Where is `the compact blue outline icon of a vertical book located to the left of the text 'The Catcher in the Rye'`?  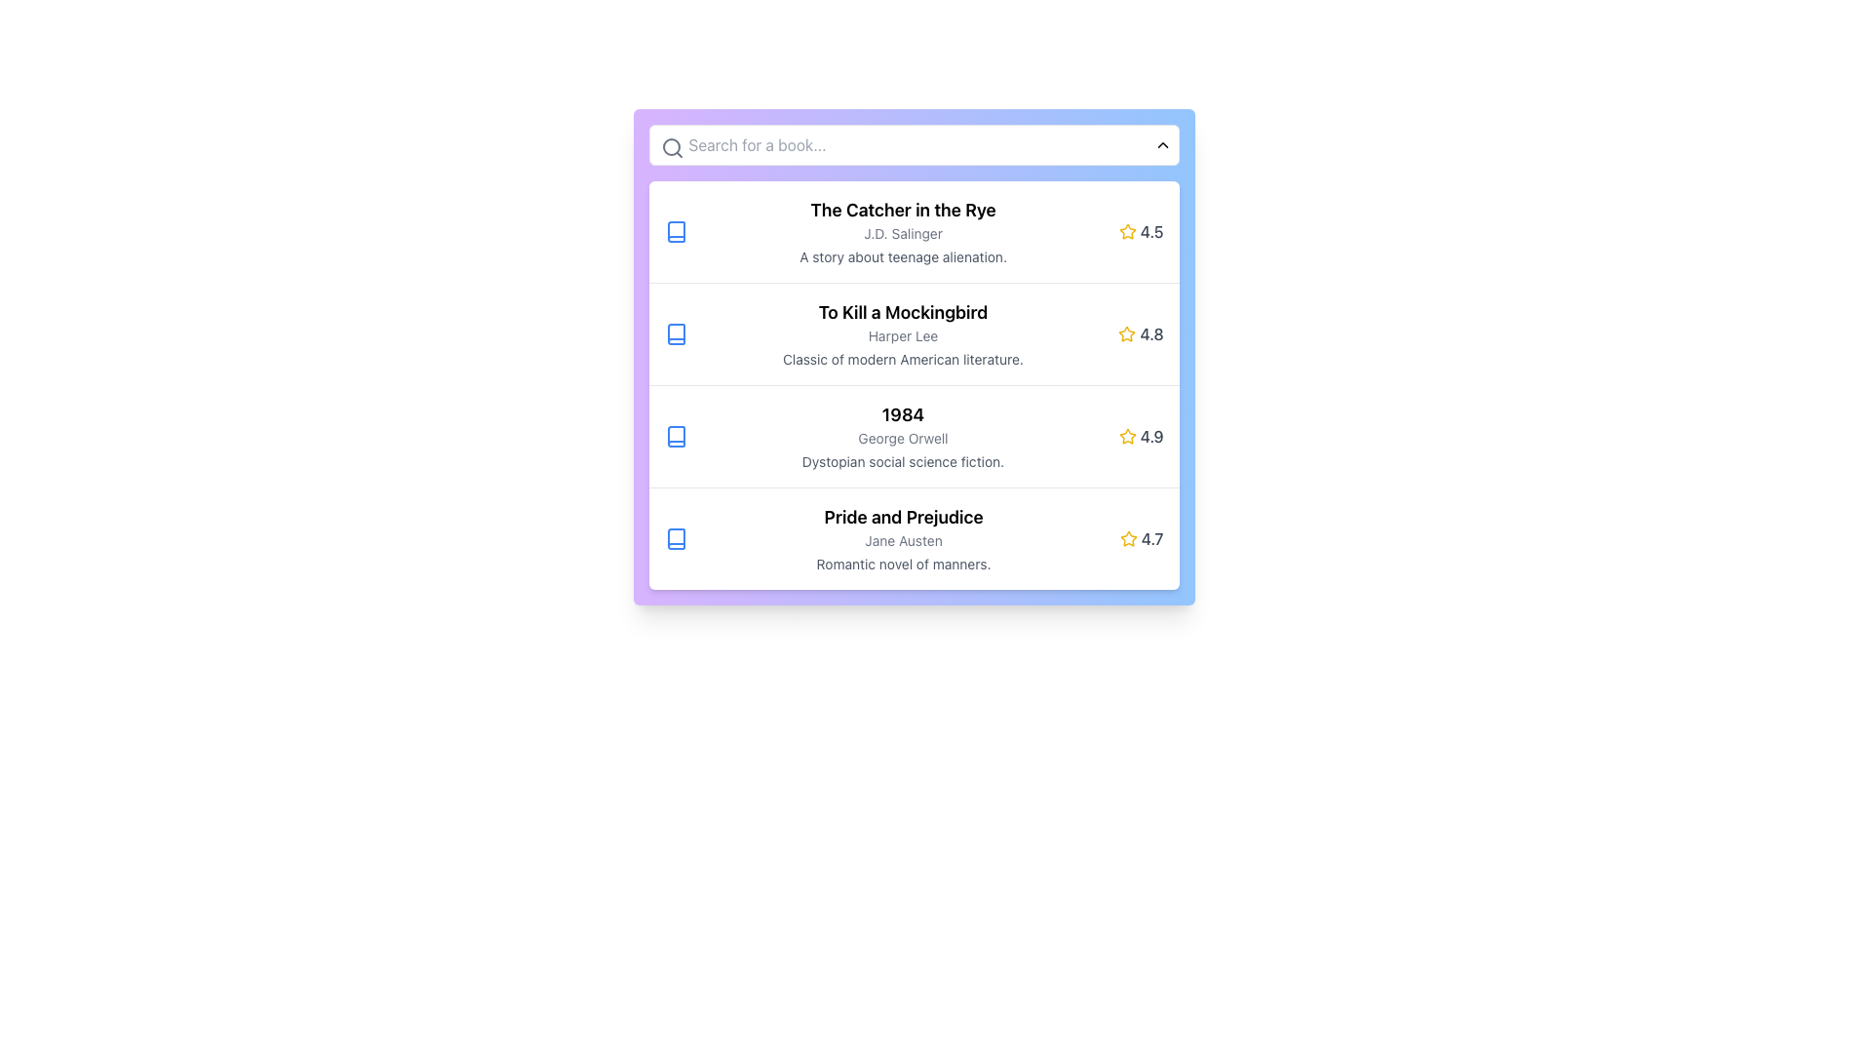
the compact blue outline icon of a vertical book located to the left of the text 'The Catcher in the Rye' is located at coordinates (676, 231).